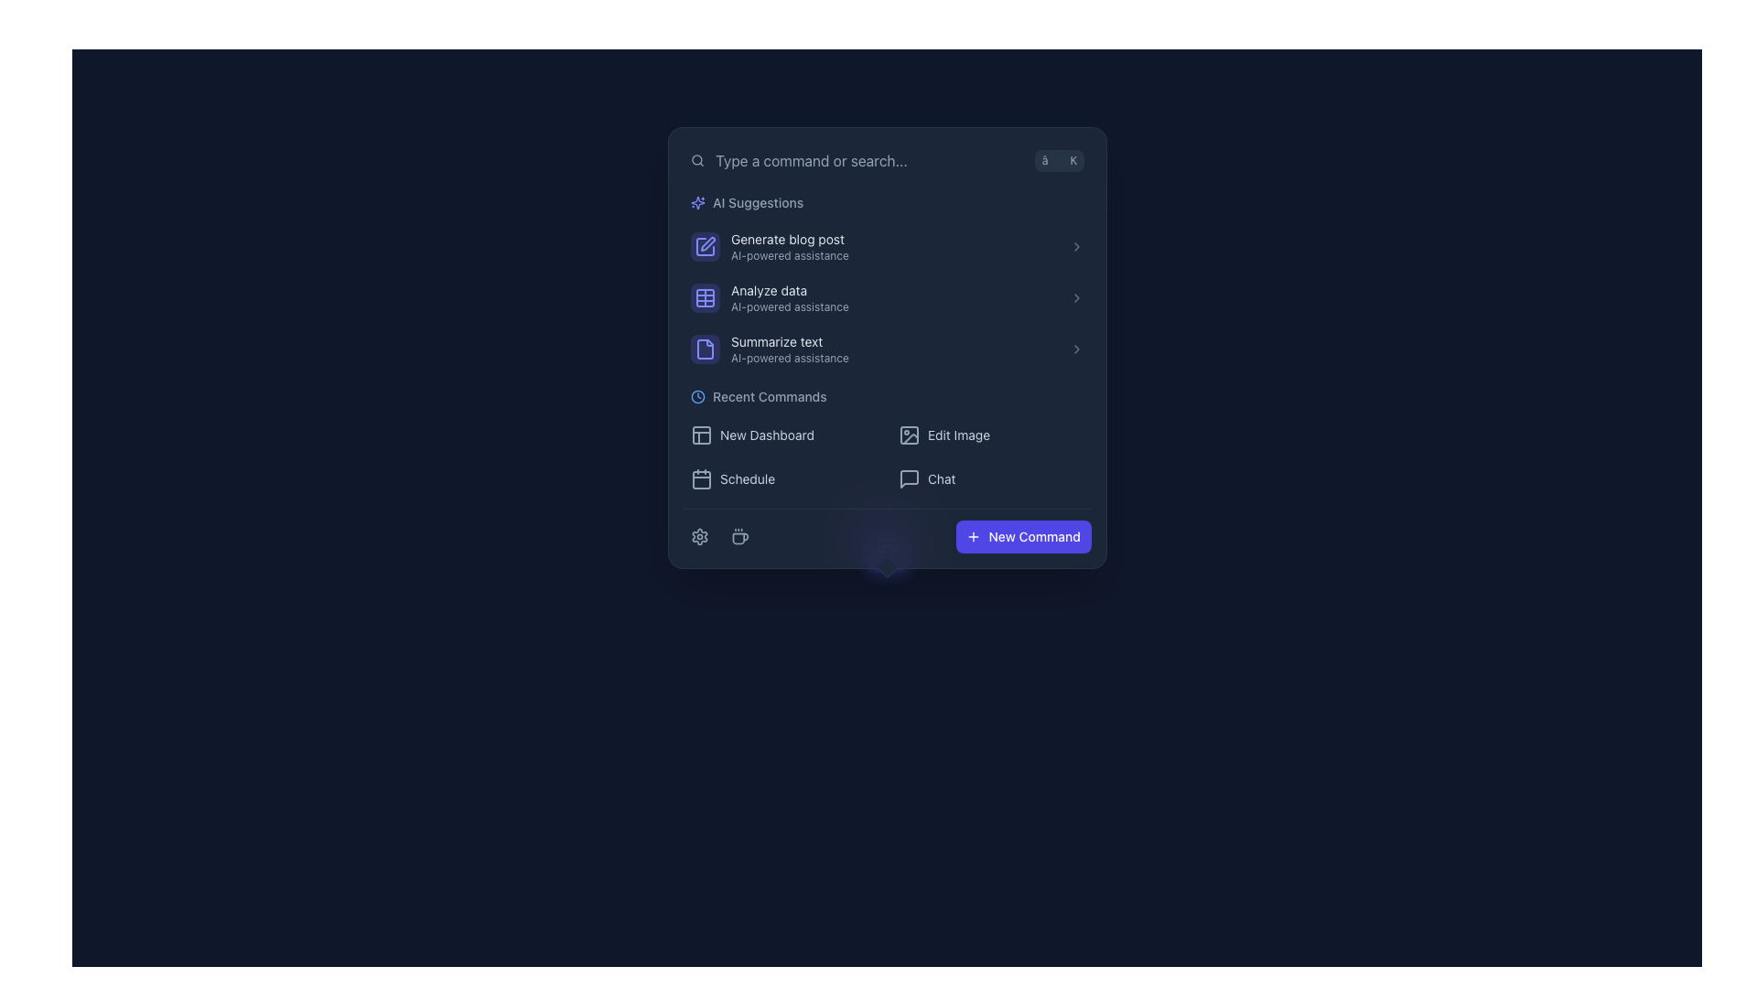 The width and height of the screenshot is (1757, 988). I want to click on the small square icon resembling a picture frame with content inside, located in the 'Recent Commands' section, to the left of the 'Edit Image' label, so click(909, 435).